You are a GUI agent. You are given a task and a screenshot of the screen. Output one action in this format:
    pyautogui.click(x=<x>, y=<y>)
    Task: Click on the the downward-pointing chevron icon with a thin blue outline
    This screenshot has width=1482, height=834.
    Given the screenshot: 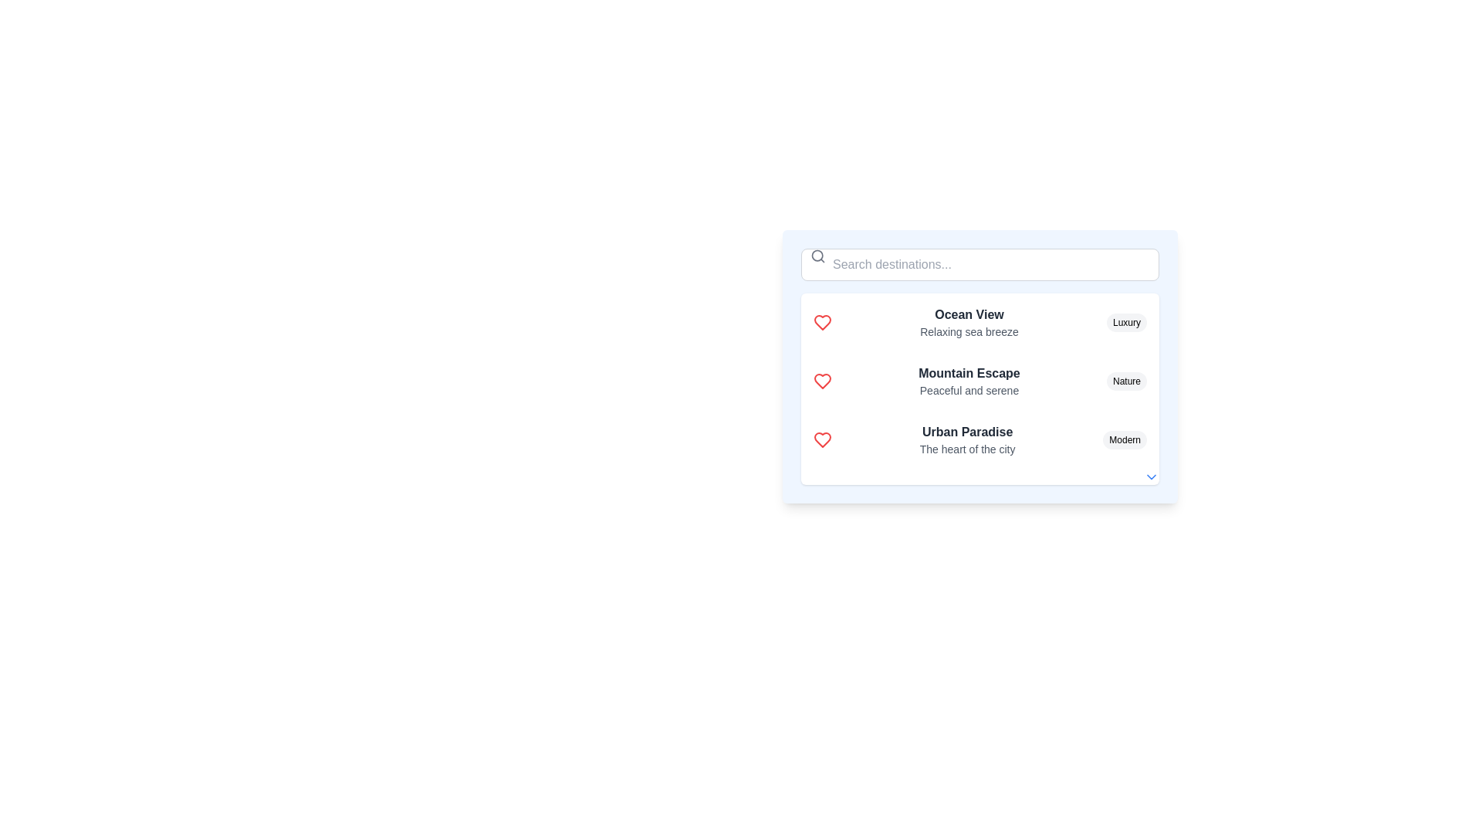 What is the action you would take?
    pyautogui.click(x=1152, y=476)
    